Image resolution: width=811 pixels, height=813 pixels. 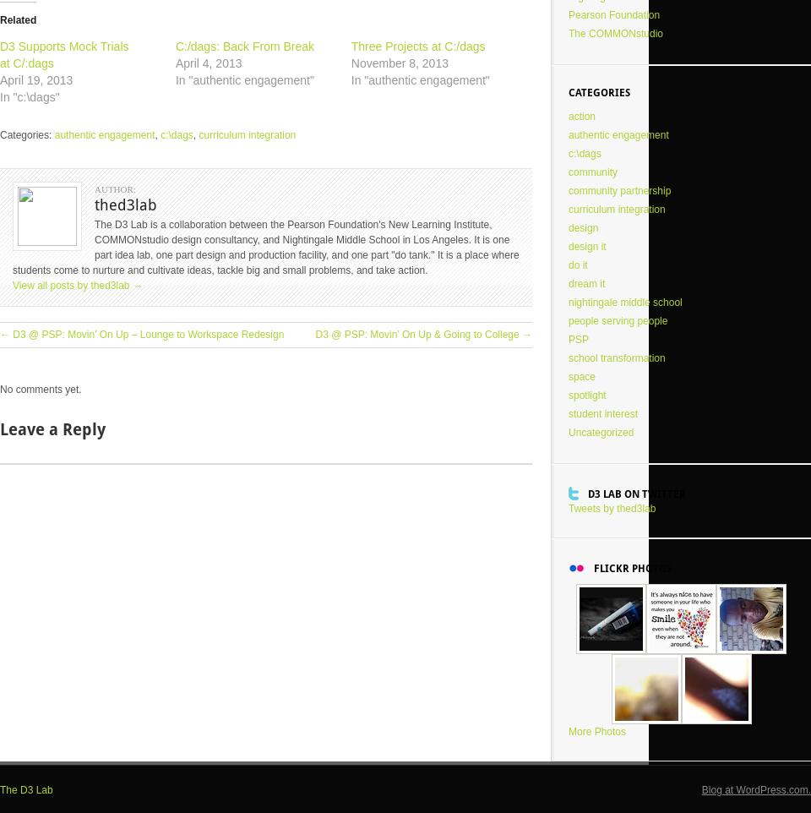 I want to click on 'Categories', so click(x=599, y=91).